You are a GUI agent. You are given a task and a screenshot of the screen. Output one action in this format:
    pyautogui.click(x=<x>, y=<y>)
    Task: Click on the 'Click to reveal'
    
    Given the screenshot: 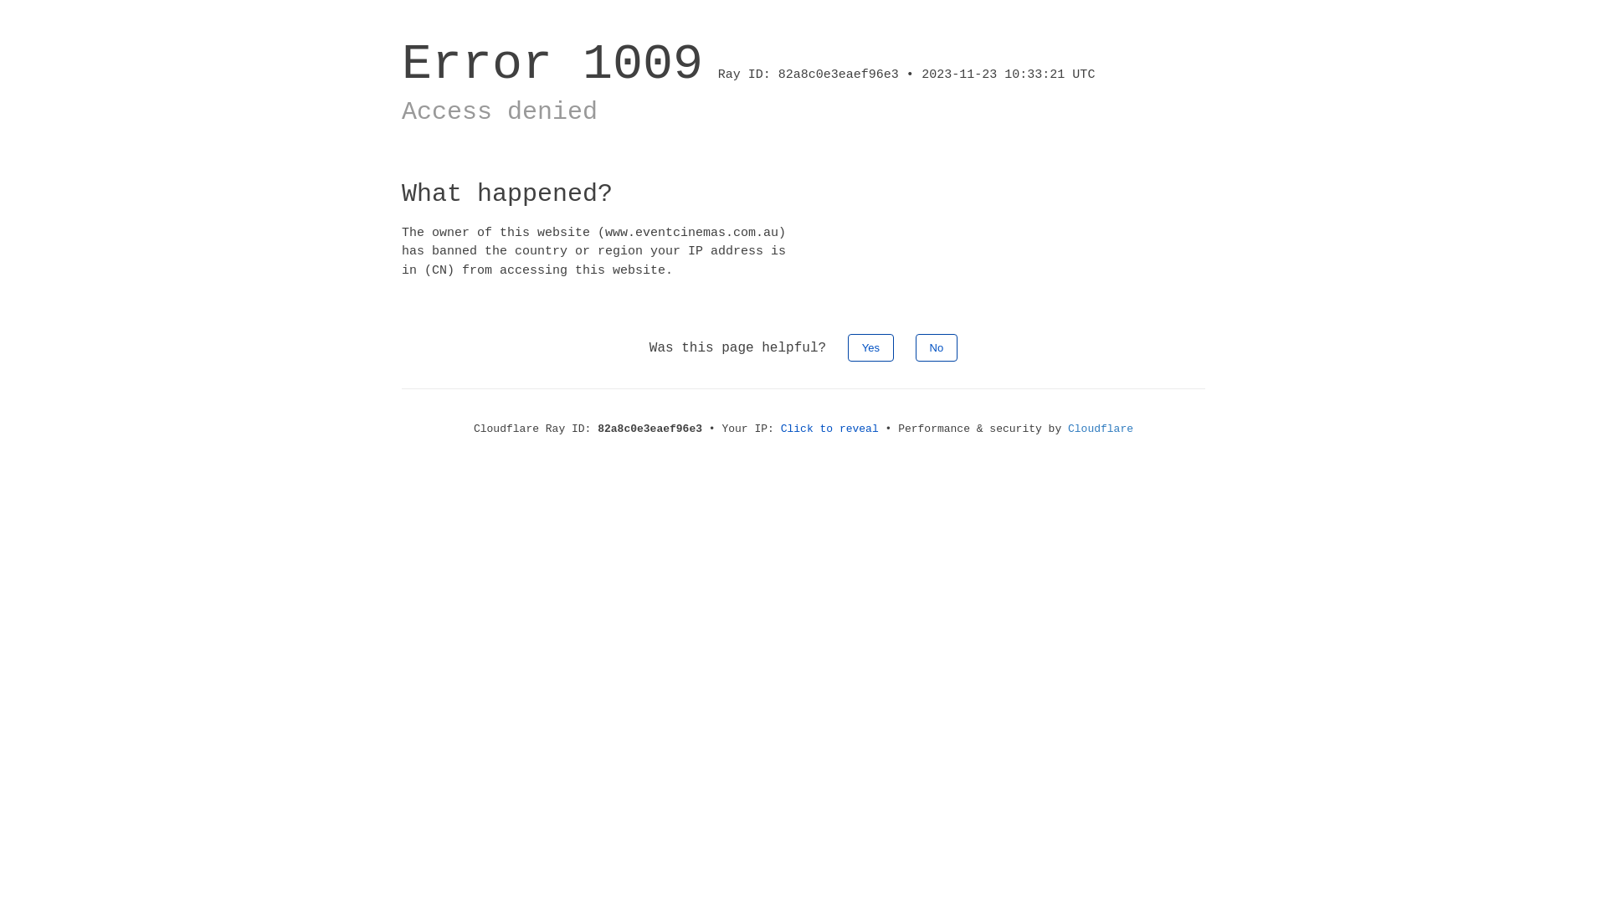 What is the action you would take?
    pyautogui.click(x=779, y=428)
    